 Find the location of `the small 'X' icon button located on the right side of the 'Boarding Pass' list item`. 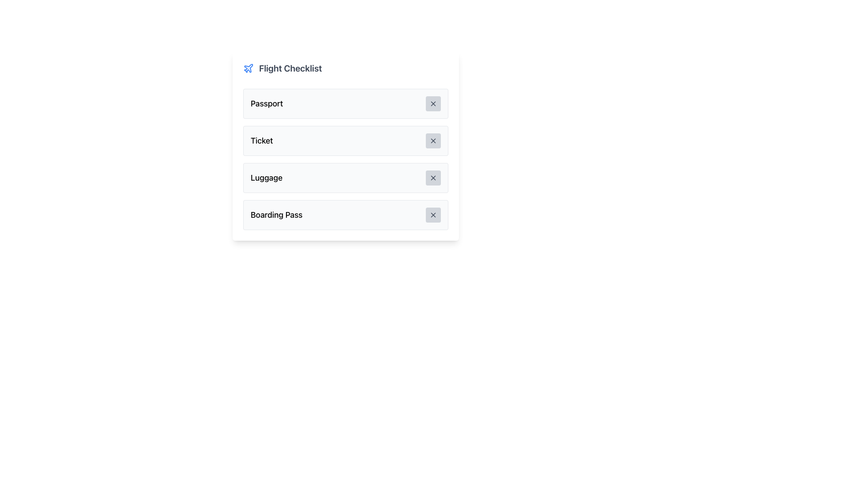

the small 'X' icon button located on the right side of the 'Boarding Pass' list item is located at coordinates (433, 215).